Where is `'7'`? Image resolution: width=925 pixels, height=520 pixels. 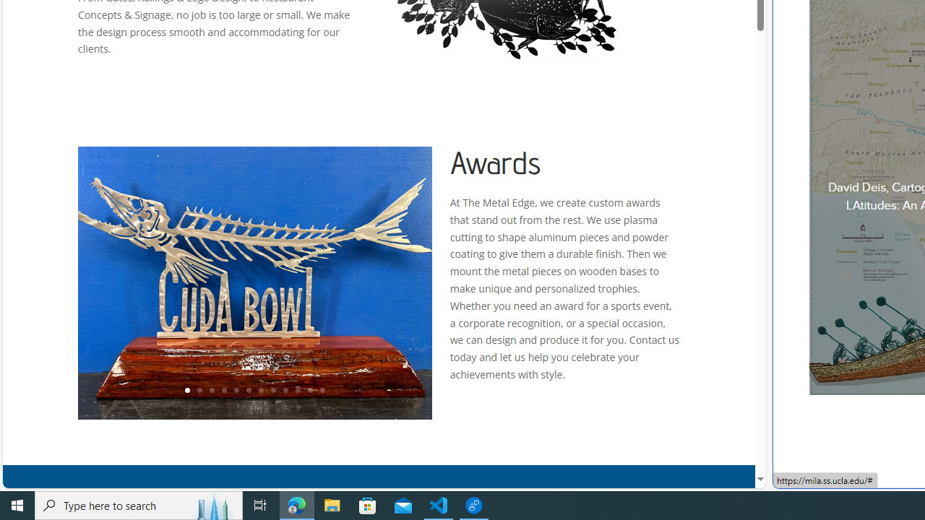
'7' is located at coordinates (260, 391).